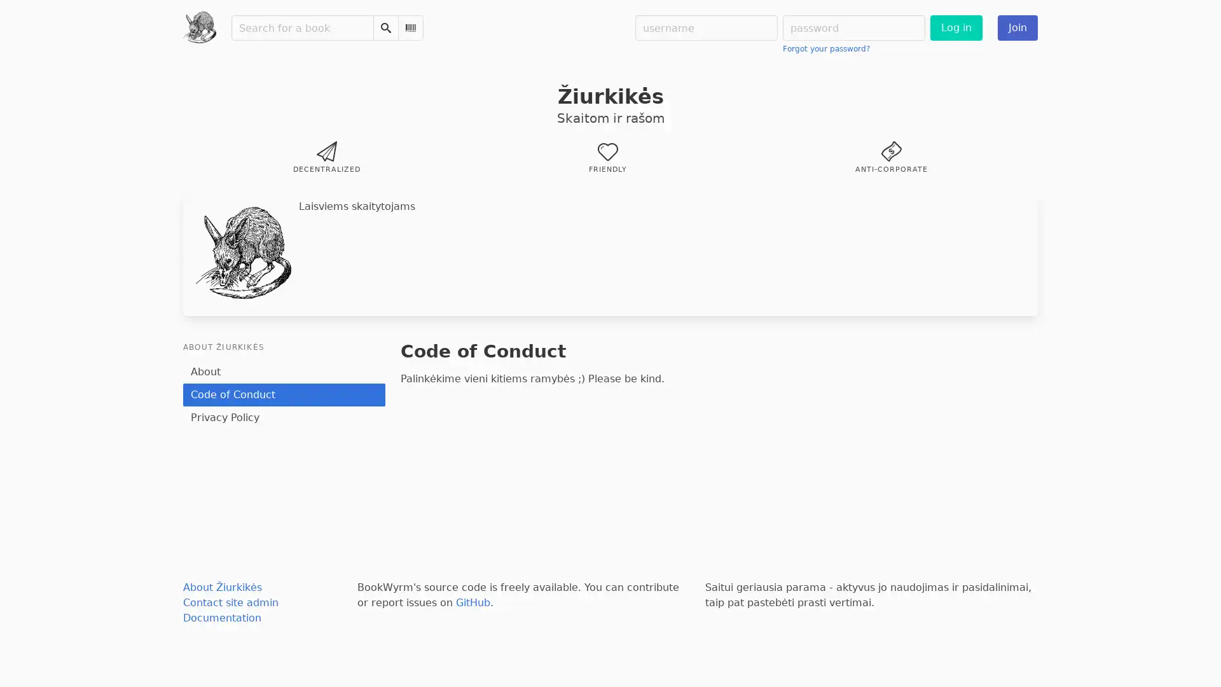 This screenshot has height=687, width=1221. I want to click on Search, so click(384, 27).